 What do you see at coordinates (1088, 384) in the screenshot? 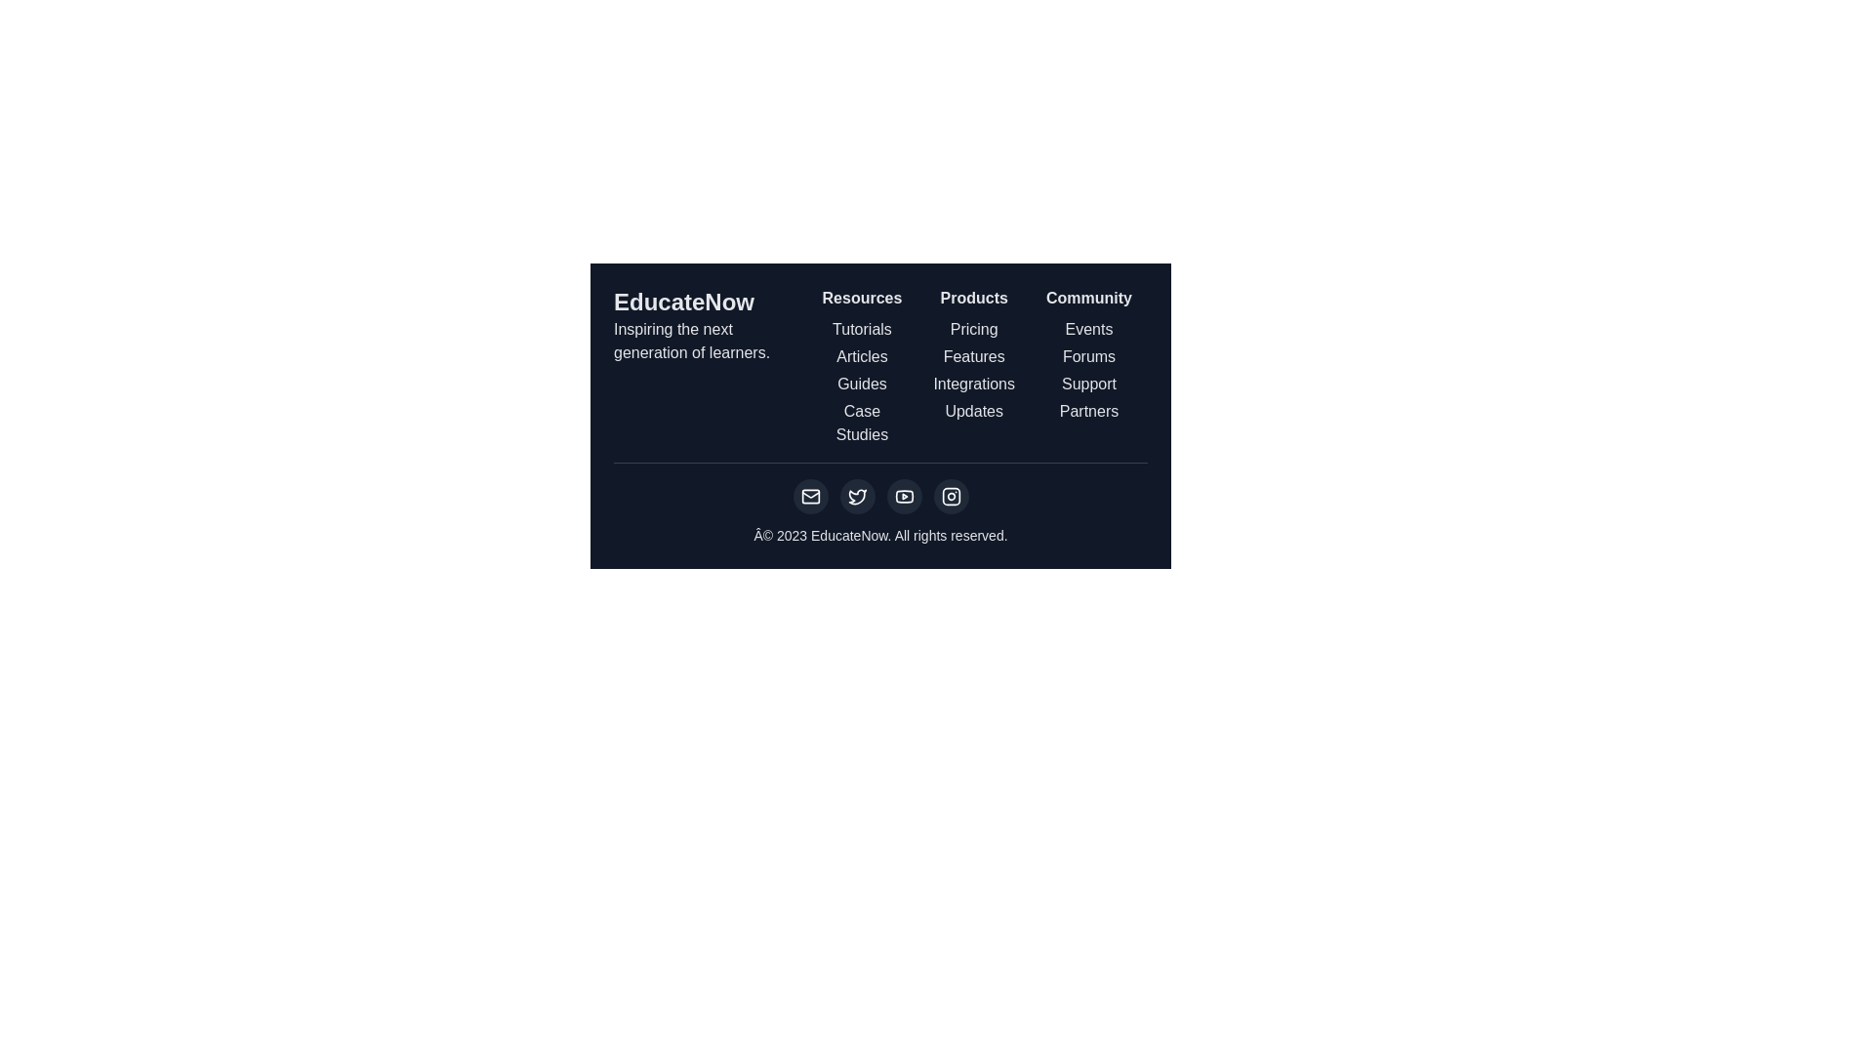
I see `the 'Support' text label located in the 'Community' section, which is styled with a hover underline effect and displayed on a dark background` at bounding box center [1088, 384].